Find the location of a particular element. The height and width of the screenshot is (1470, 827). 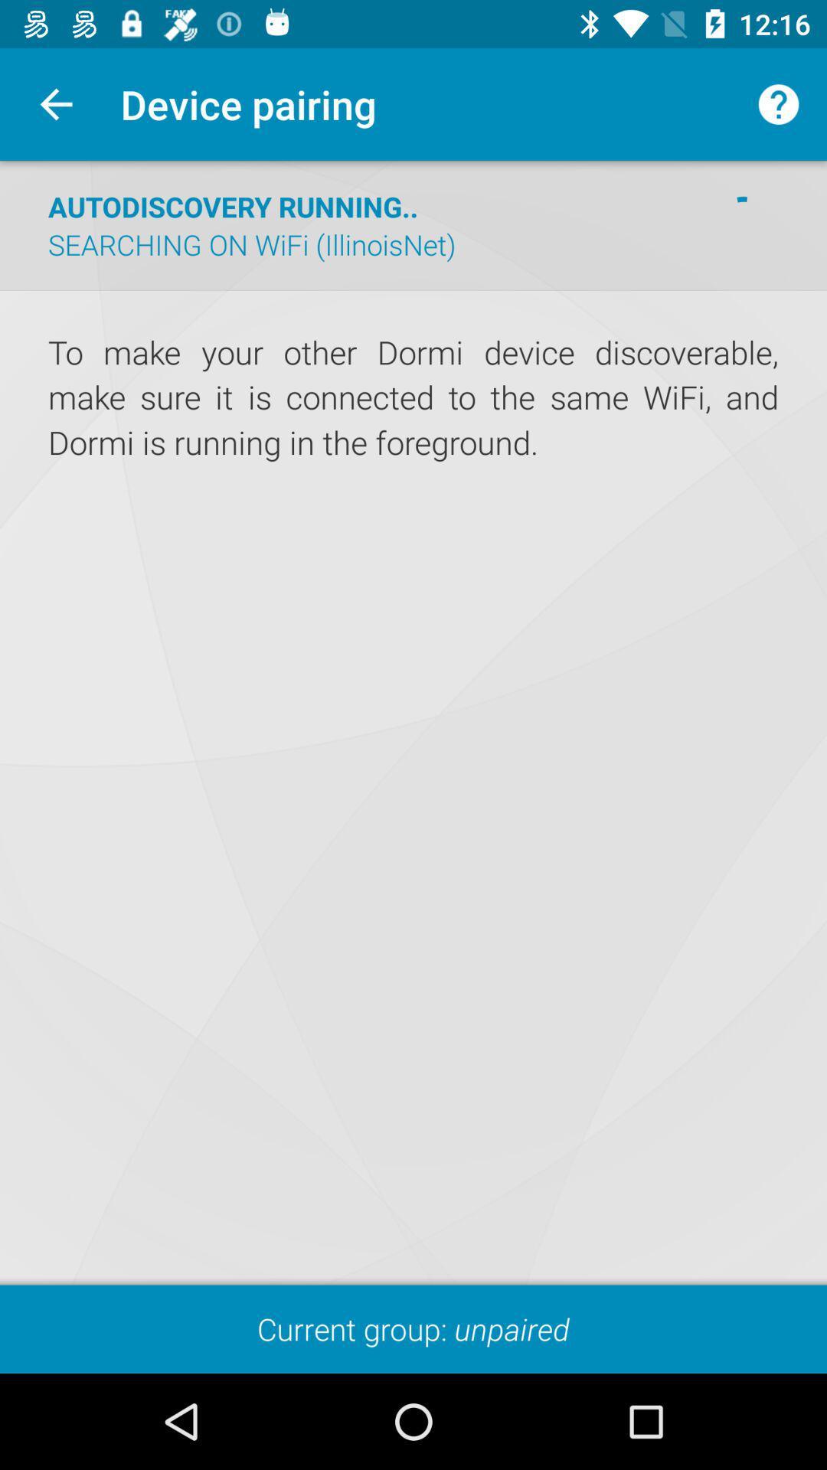

the item below the autodiscovery running.. item is located at coordinates (251, 243).